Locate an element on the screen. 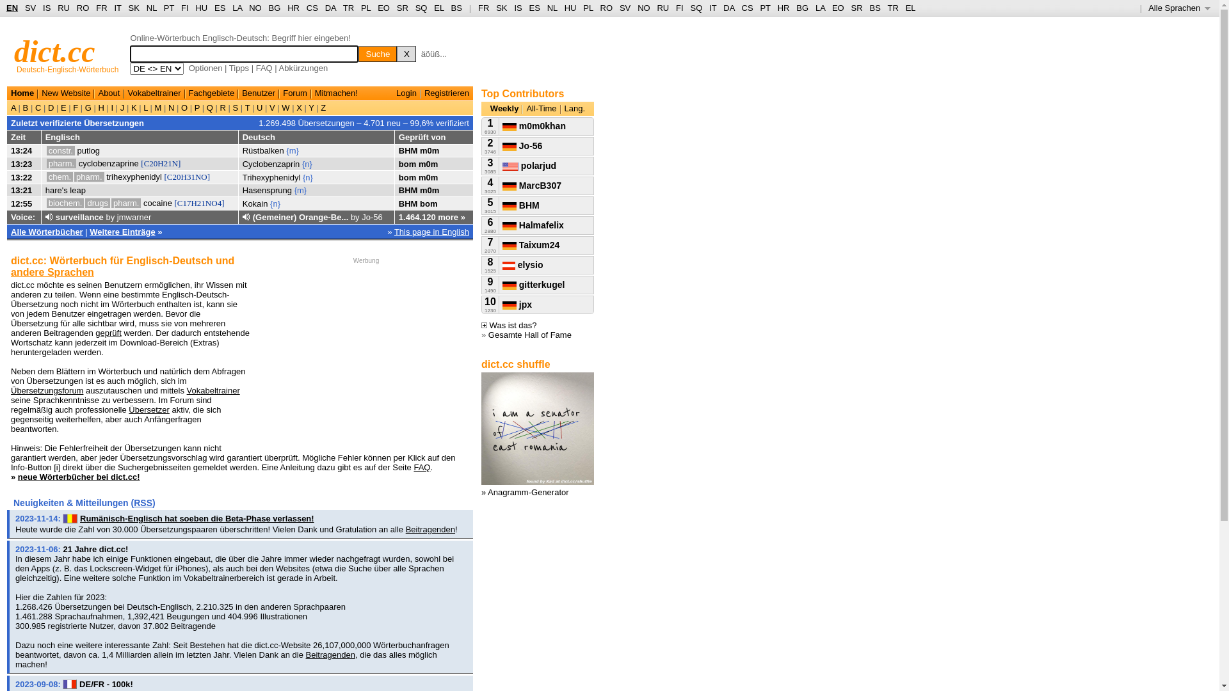 This screenshot has height=691, width=1229. 'RSS' is located at coordinates (143, 502).